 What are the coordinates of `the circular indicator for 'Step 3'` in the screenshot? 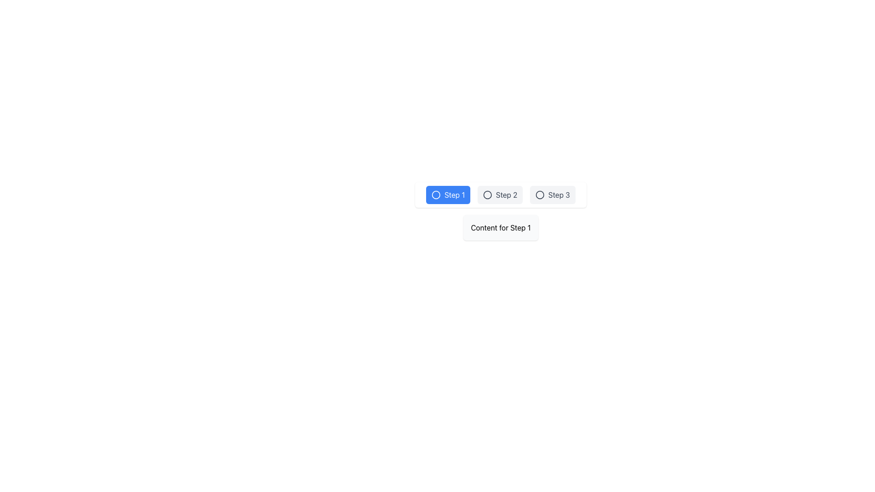 It's located at (540, 195).